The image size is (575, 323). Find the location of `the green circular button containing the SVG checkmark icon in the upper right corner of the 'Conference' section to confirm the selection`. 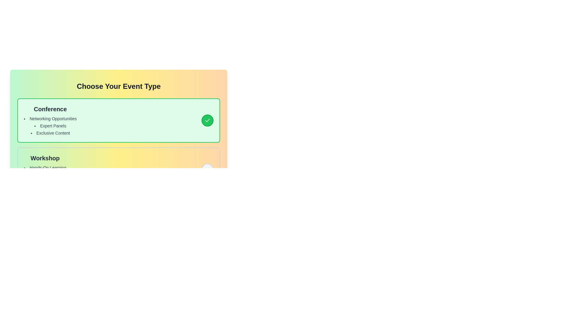

the green circular button containing the SVG checkmark icon in the upper right corner of the 'Conference' section to confirm the selection is located at coordinates (207, 120).